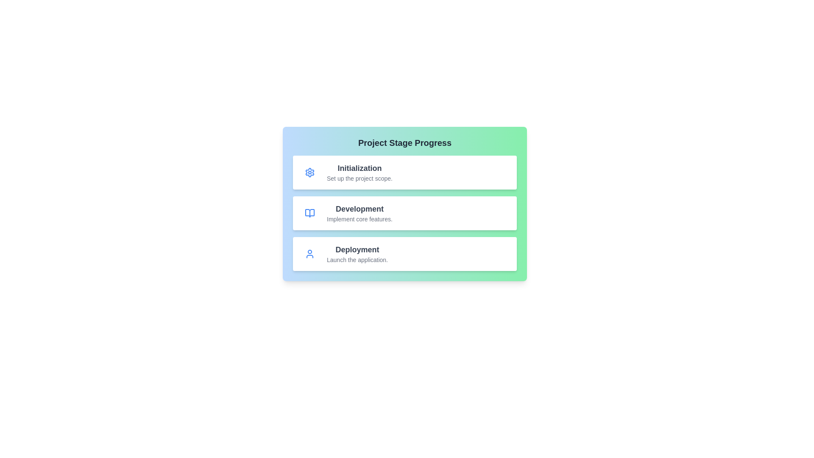 This screenshot has width=814, height=458. I want to click on the open book icon in the Project Stage Progress widget, located next to the 'Development' text label, so click(309, 212).